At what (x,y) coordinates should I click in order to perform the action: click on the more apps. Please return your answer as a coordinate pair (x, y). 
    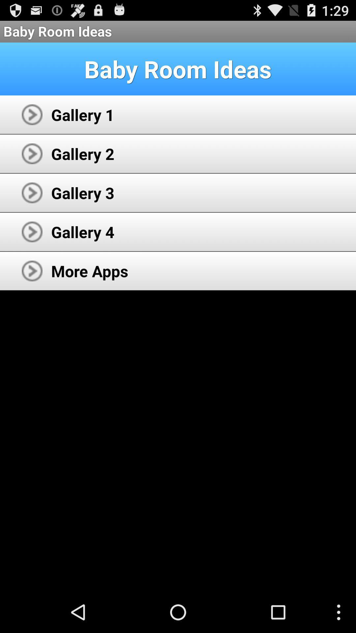
    Looking at the image, I should click on (90, 271).